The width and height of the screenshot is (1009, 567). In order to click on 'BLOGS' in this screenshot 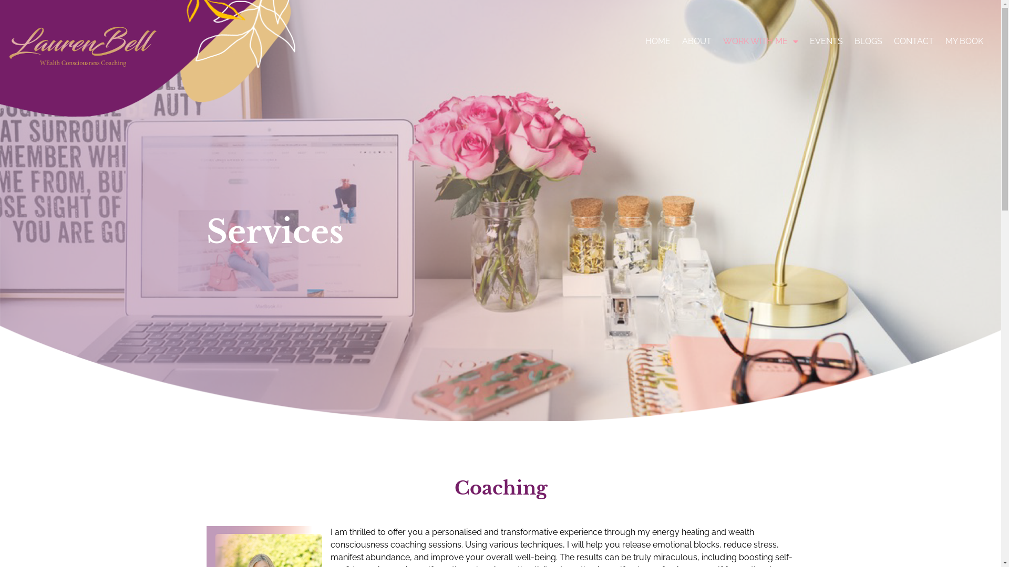, I will do `click(848, 40)`.